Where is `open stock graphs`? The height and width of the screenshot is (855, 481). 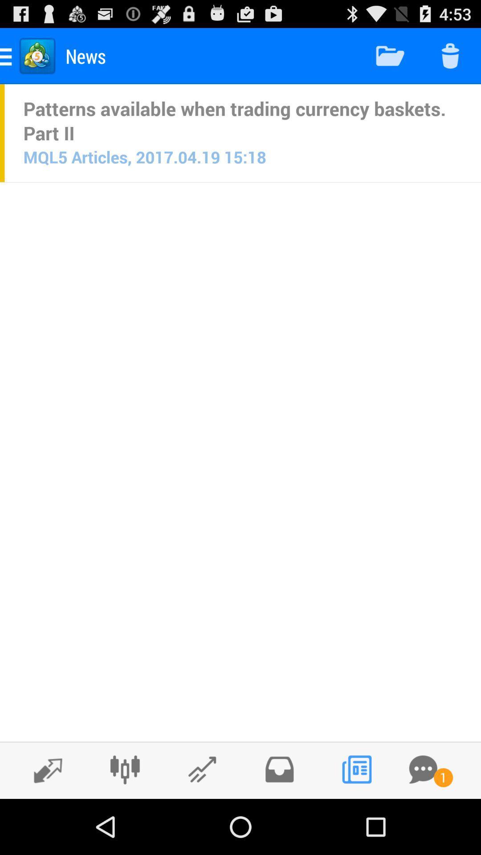 open stock graphs is located at coordinates (202, 769).